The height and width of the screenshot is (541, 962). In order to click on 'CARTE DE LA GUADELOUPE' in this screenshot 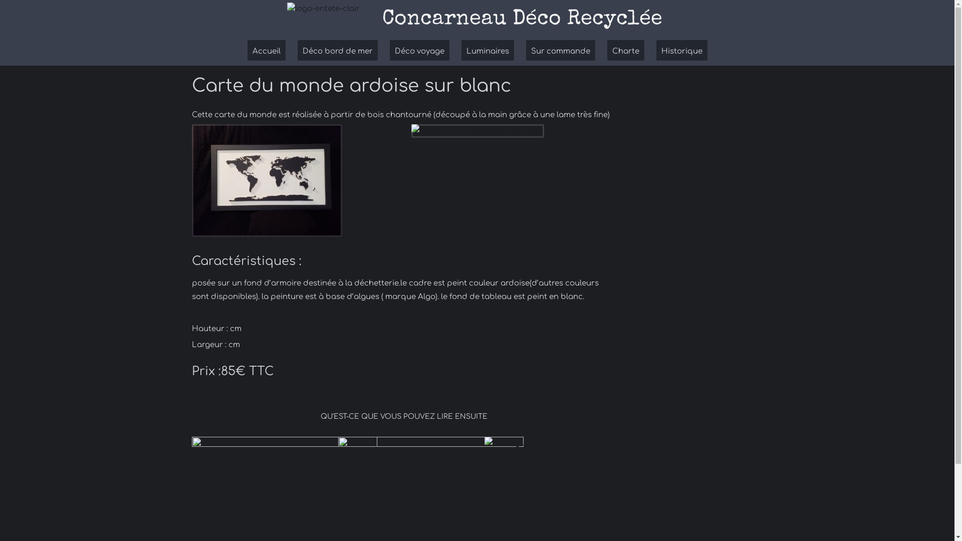, I will do `click(527, 459)`.